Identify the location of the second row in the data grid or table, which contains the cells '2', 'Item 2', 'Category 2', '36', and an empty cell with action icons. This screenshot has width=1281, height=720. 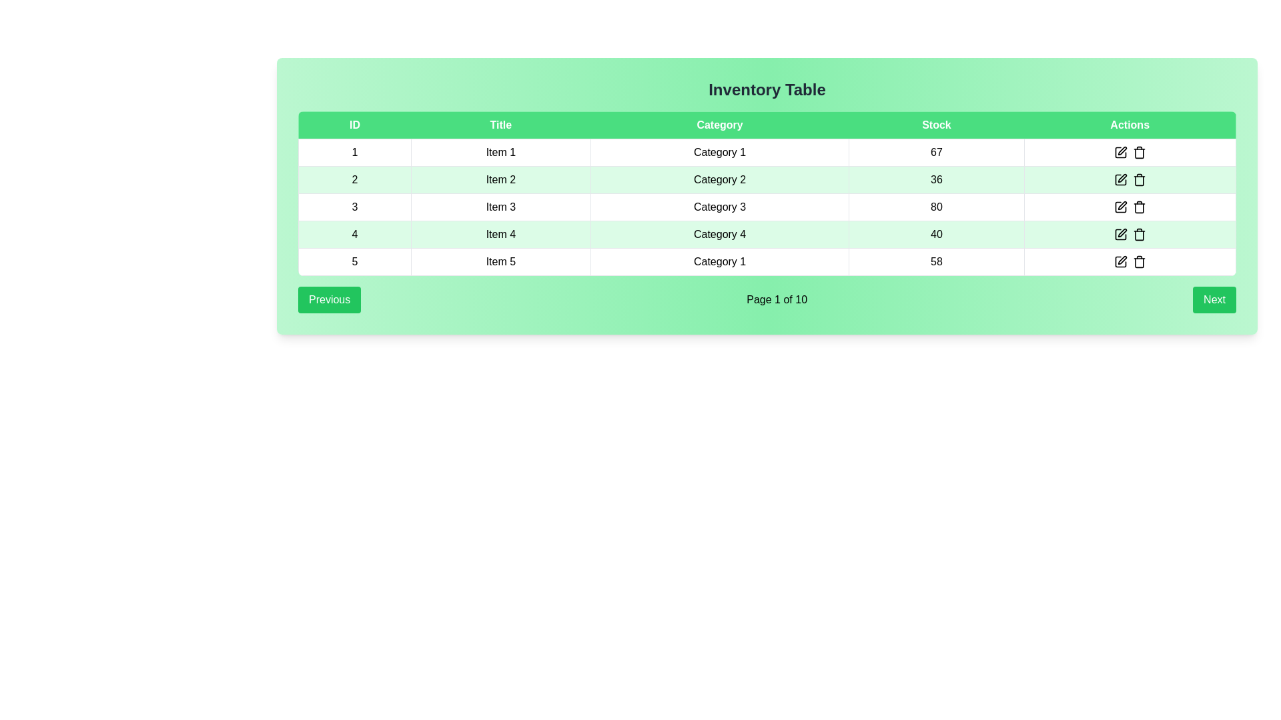
(767, 180).